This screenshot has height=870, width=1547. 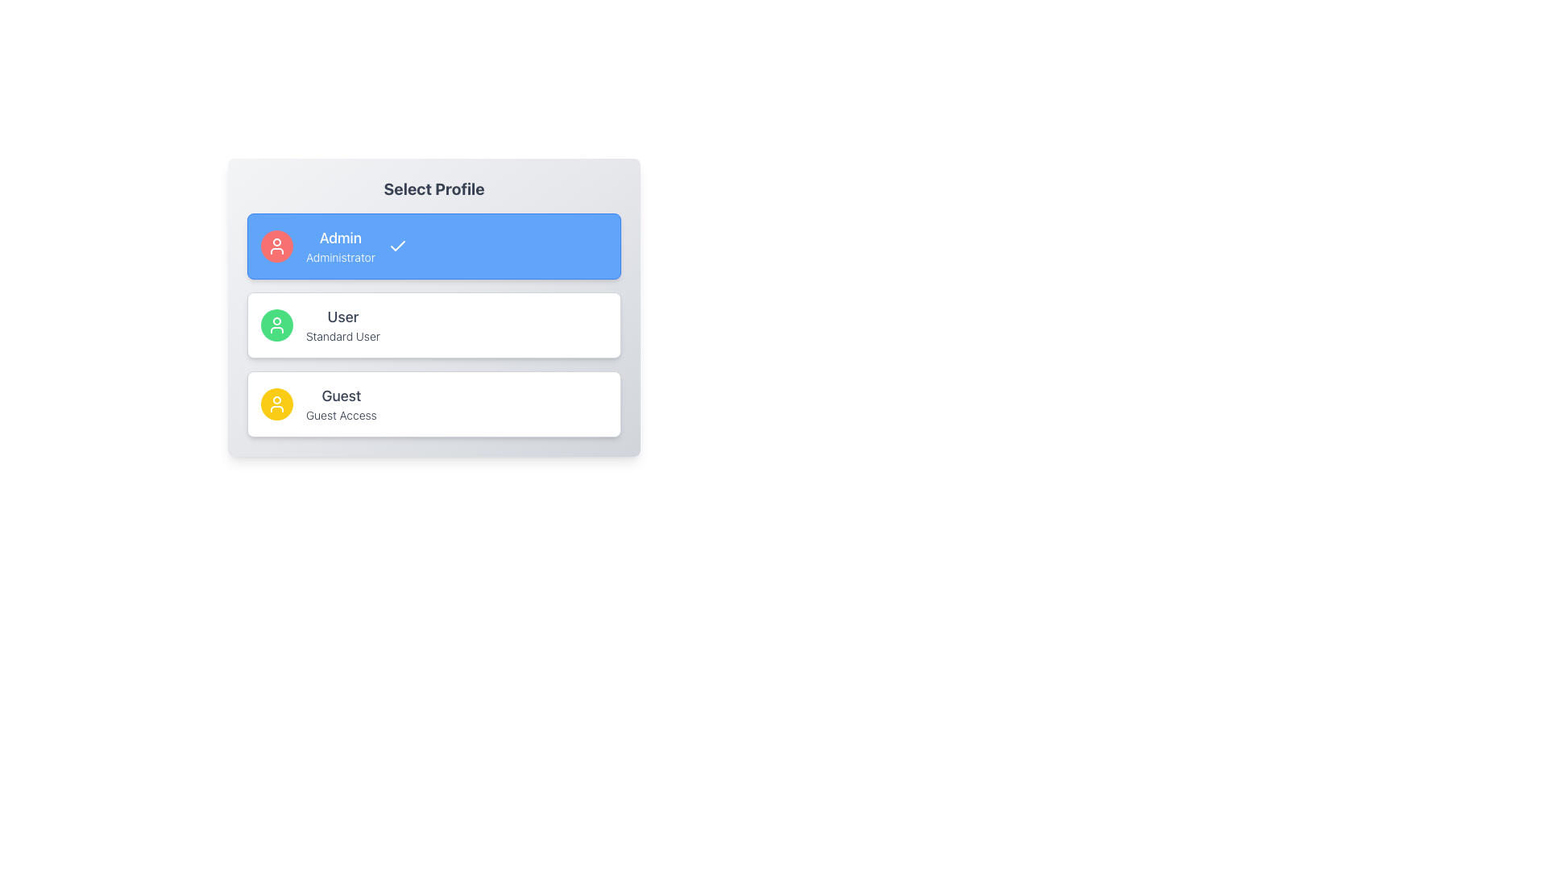 I want to click on the 'Standard User' selection button located between the 'Admin' and 'Guest' options under the 'Select Profile' title, so click(x=433, y=325).